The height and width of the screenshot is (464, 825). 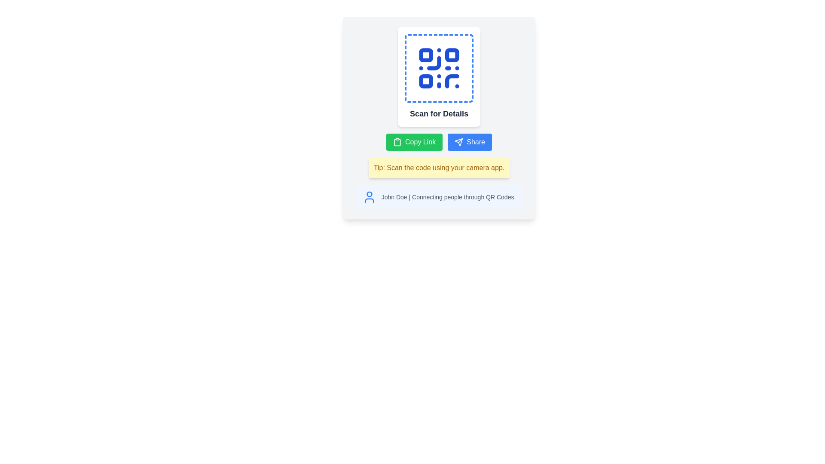 I want to click on the decorative graphical component located in the bottom-left section of the QR code, so click(x=426, y=81).